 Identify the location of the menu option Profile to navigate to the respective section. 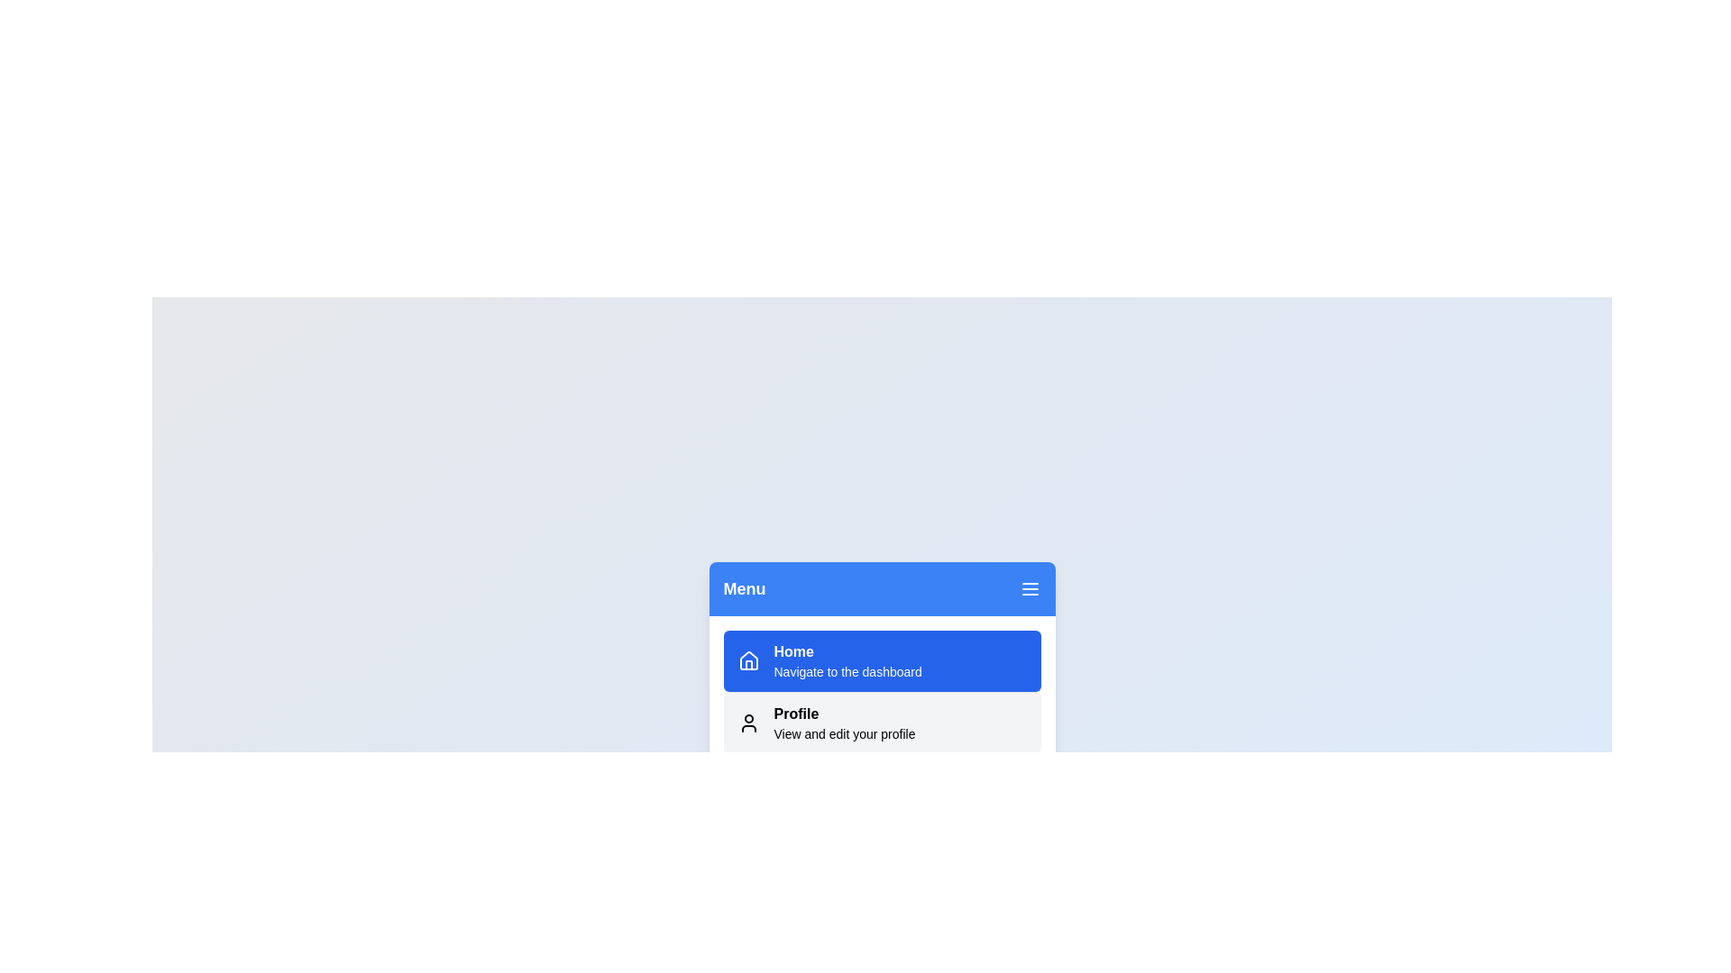
(882, 722).